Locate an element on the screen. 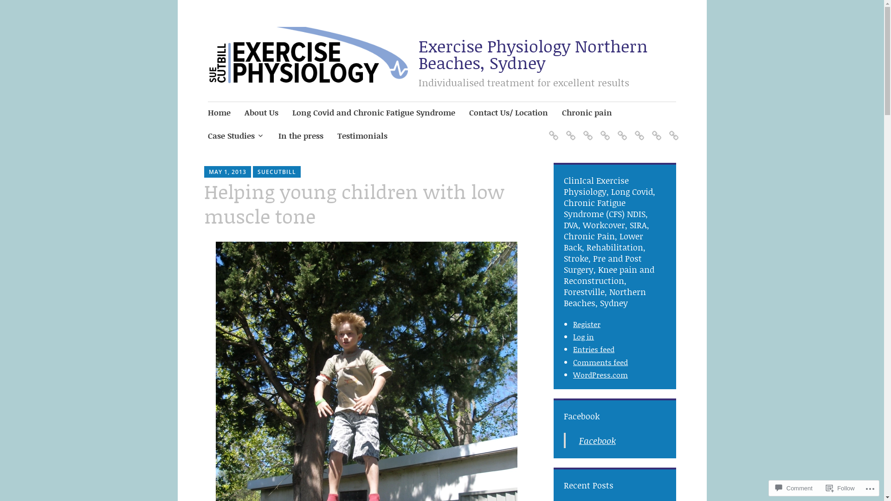 Image resolution: width=891 pixels, height=501 pixels. 'Testimonials' is located at coordinates (362, 136).